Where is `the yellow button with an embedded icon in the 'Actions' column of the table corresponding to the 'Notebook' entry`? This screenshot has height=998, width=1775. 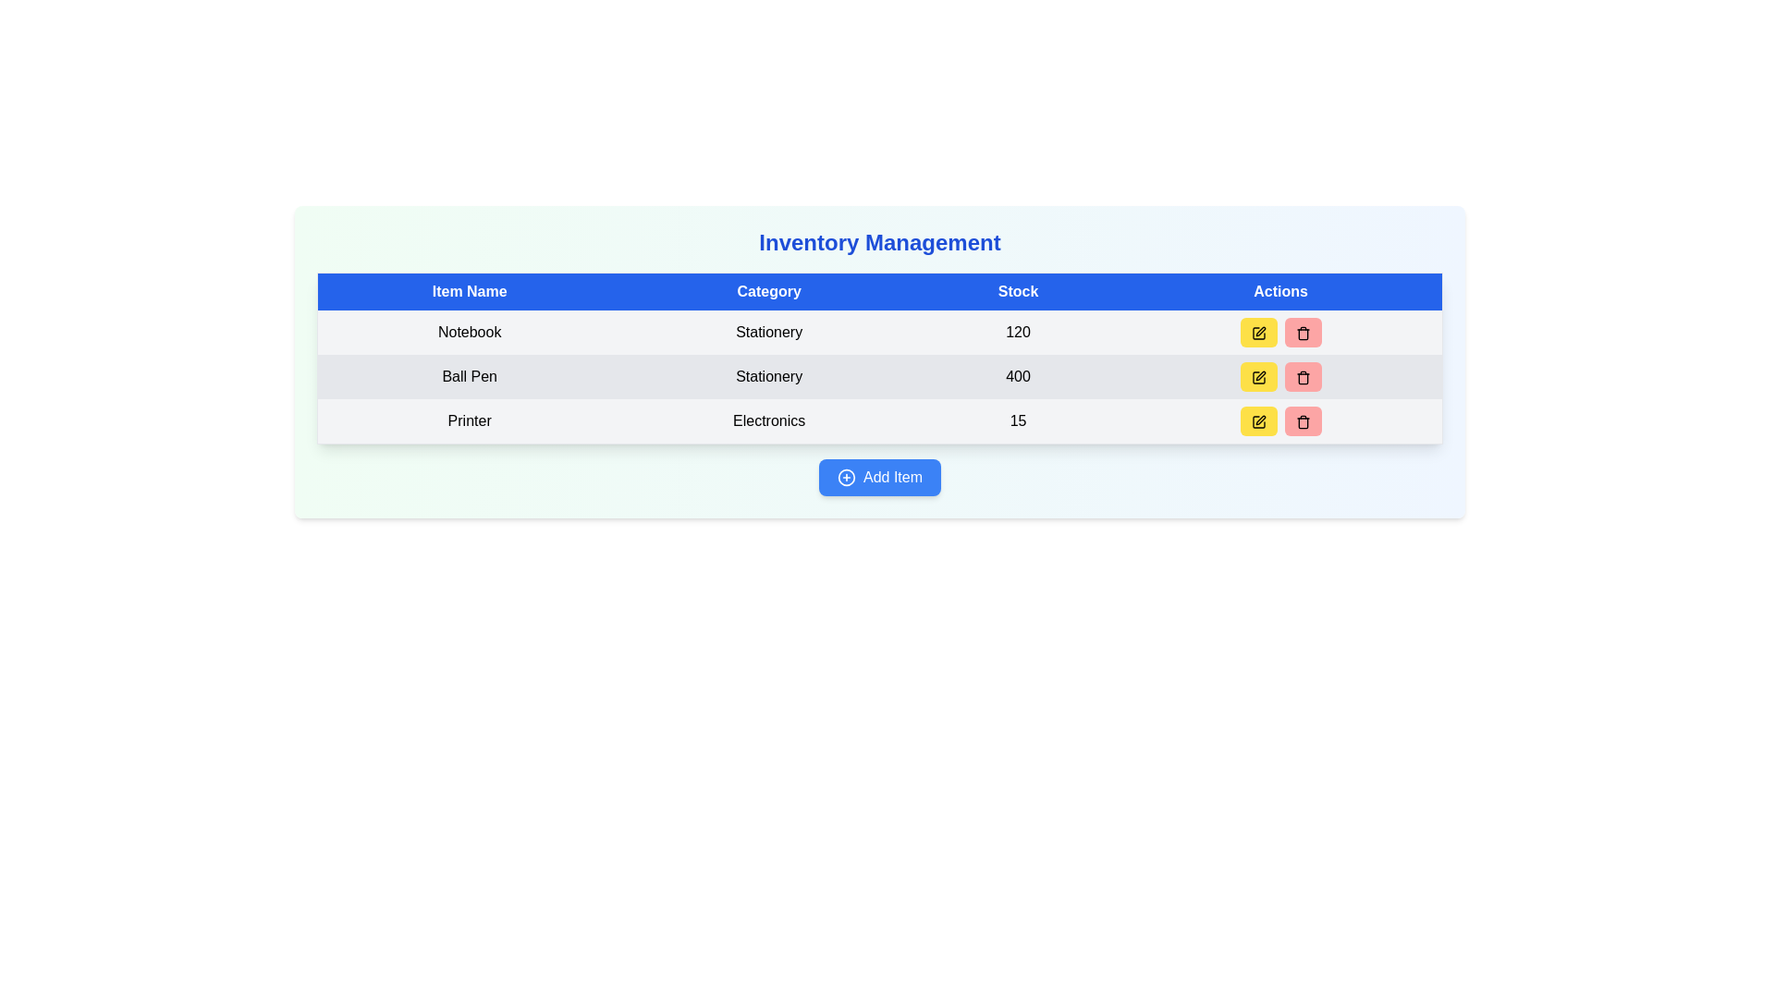 the yellow button with an embedded icon in the 'Actions' column of the table corresponding to the 'Notebook' entry is located at coordinates (1257, 333).